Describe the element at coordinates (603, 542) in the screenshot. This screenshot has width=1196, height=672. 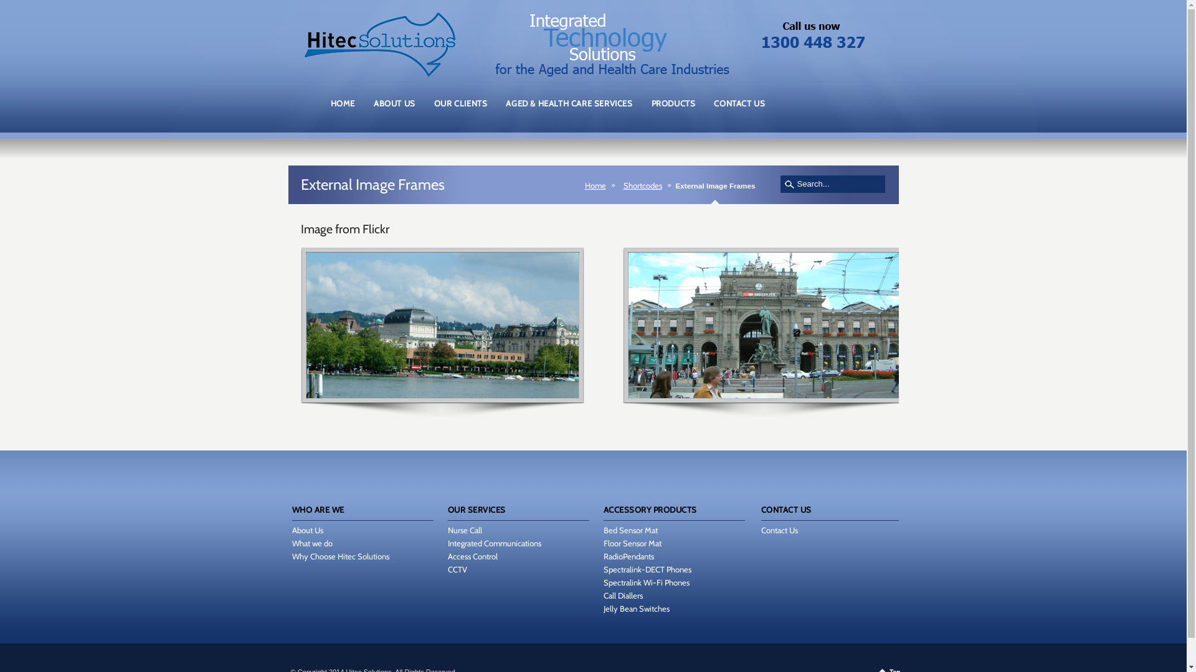
I see `'Floor Sensor Mat'` at that location.